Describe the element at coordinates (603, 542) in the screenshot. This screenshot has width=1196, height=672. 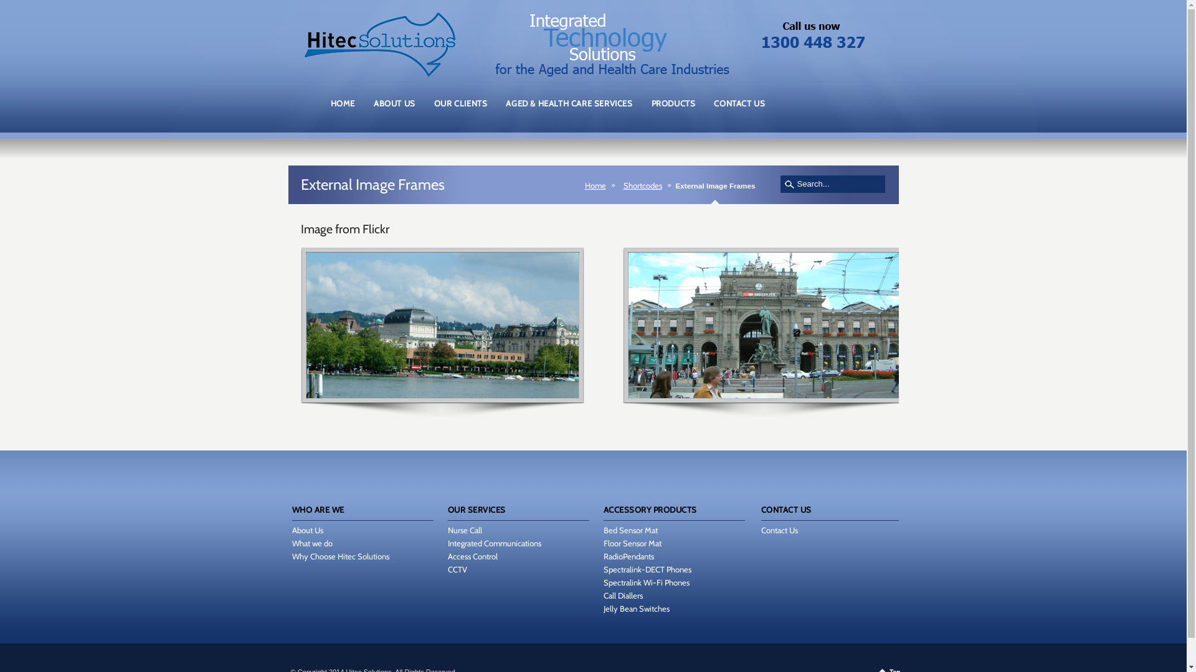
I see `'Floor Sensor Mat'` at that location.